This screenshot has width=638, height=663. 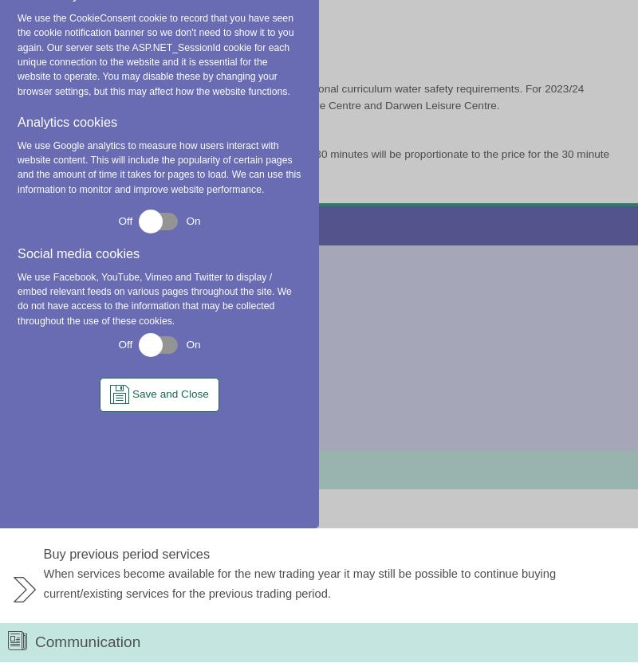 What do you see at coordinates (488, 21) in the screenshot?
I see `'School Swimming Dry Weeks 2023-2024 (DOC , 2.66 KB)'` at bounding box center [488, 21].